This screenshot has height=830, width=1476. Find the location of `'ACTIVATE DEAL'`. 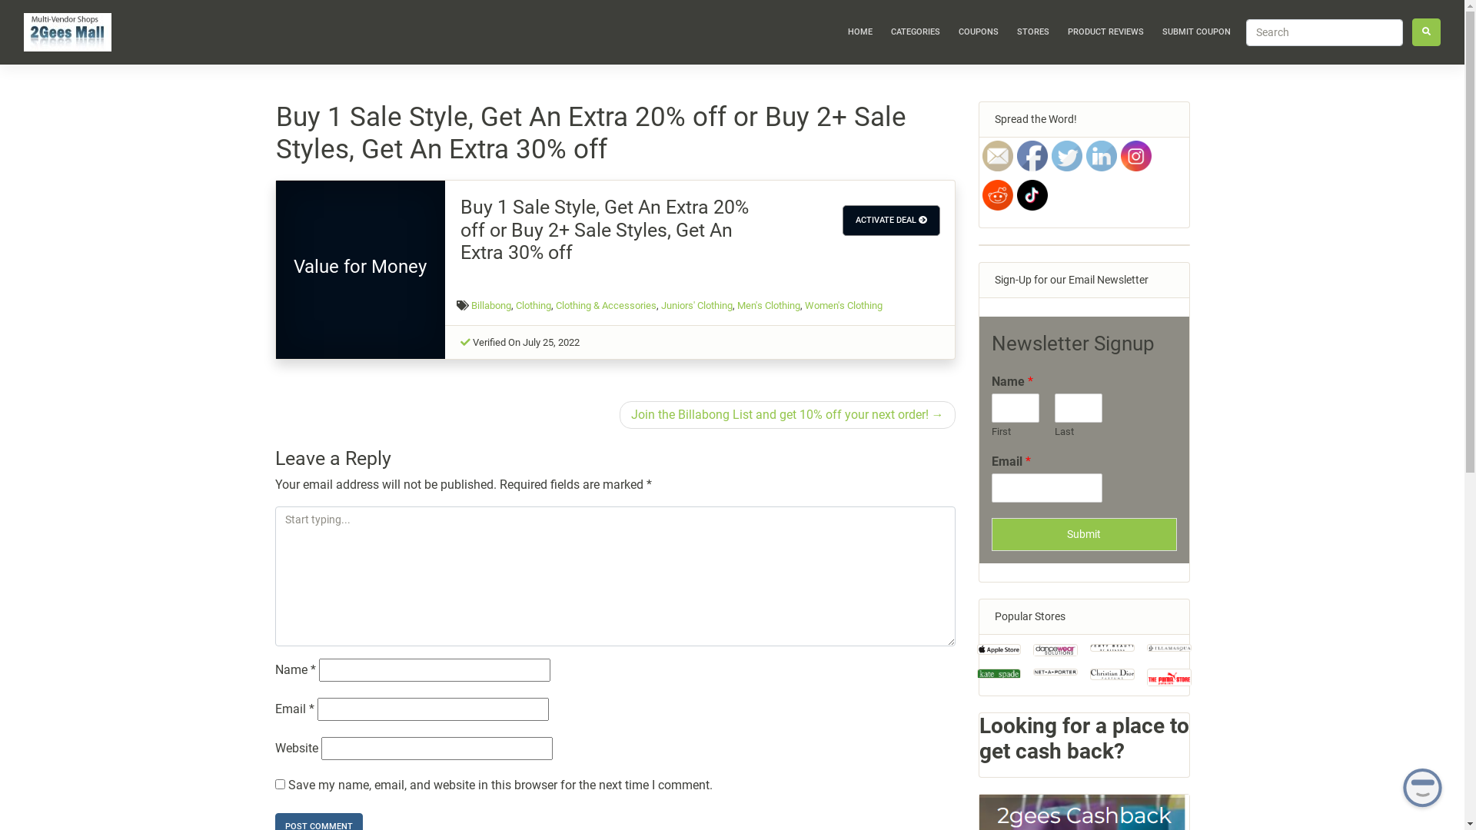

'ACTIVATE DEAL' is located at coordinates (891, 220).